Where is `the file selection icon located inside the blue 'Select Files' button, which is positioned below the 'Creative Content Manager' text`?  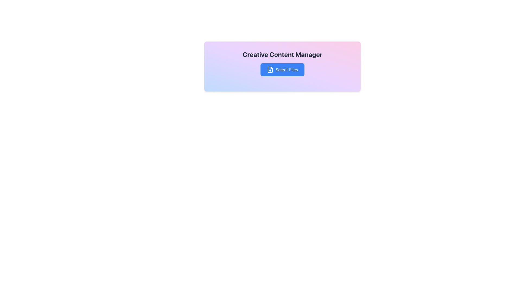
the file selection icon located inside the blue 'Select Files' button, which is positioned below the 'Creative Content Manager' text is located at coordinates (270, 69).